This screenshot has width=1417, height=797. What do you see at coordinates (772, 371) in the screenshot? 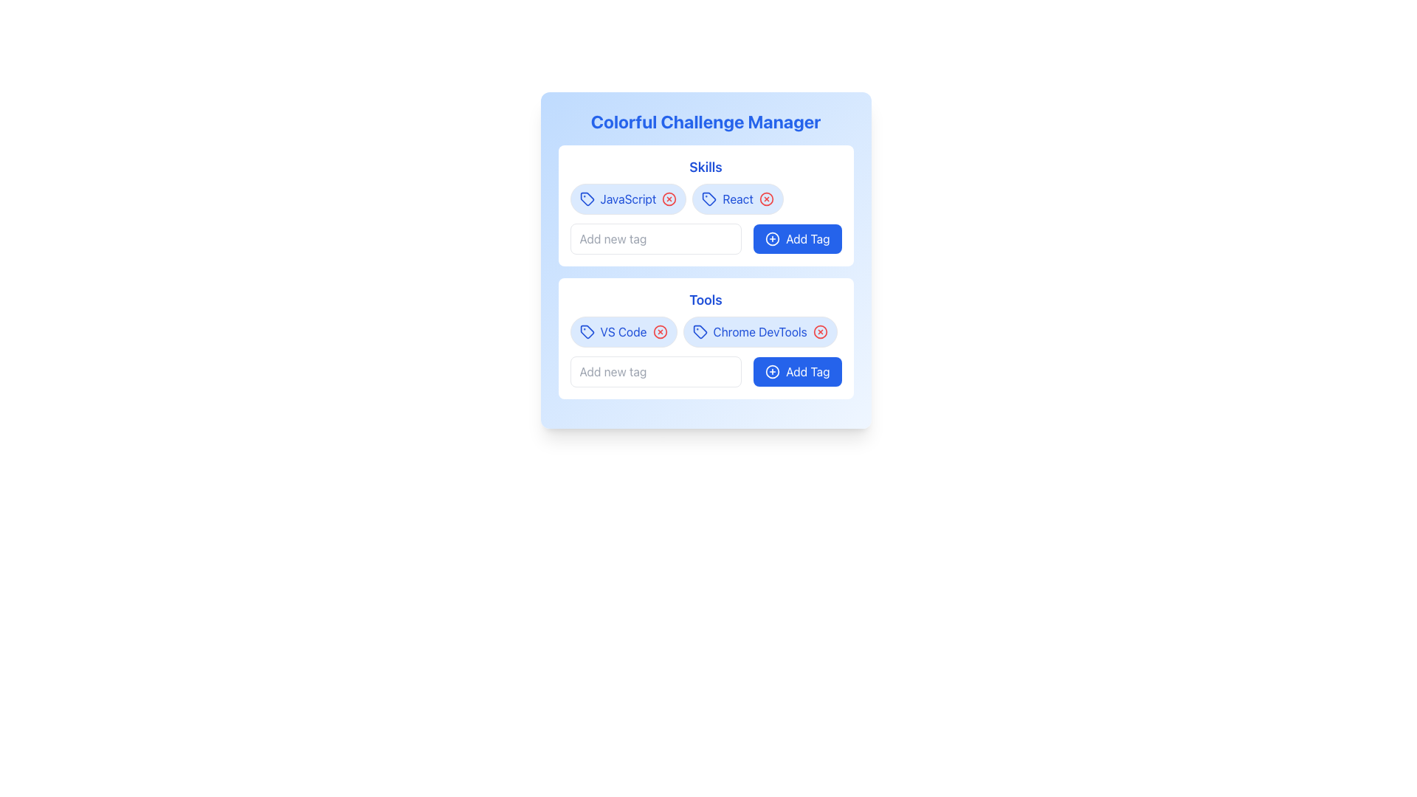
I see `the 'Add Tag' button located in the 'Tools' section, which visually represents the action of adding a new tag` at bounding box center [772, 371].